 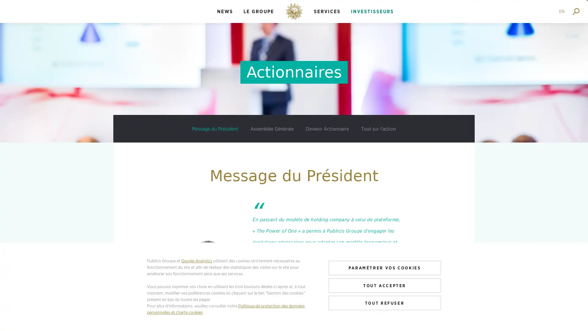 I want to click on PARAMETRER VOS COOKIES PARAMETRER VOS COOKIES, so click(x=384, y=267).